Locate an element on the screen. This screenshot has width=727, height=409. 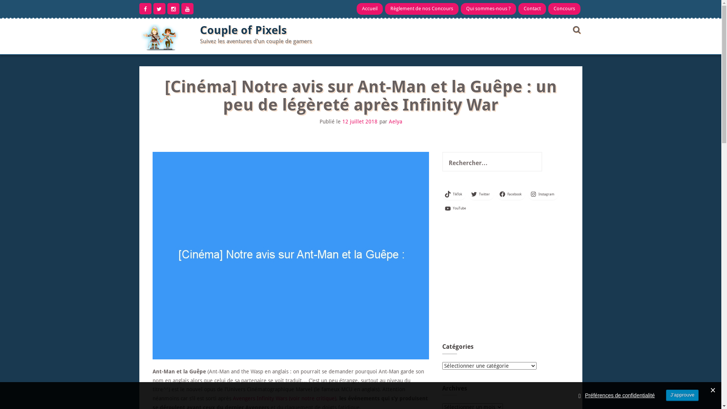
'Rechercher' is located at coordinates (16, 5).